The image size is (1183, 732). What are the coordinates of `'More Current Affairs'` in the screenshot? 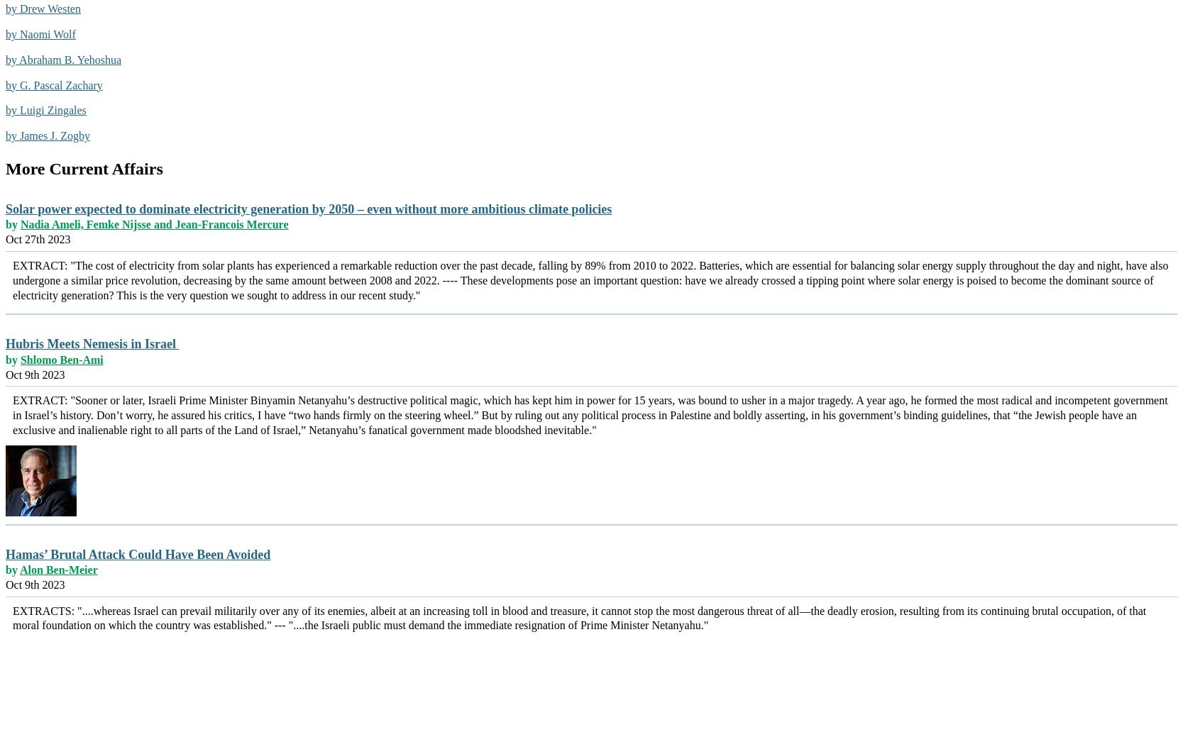 It's located at (83, 167).